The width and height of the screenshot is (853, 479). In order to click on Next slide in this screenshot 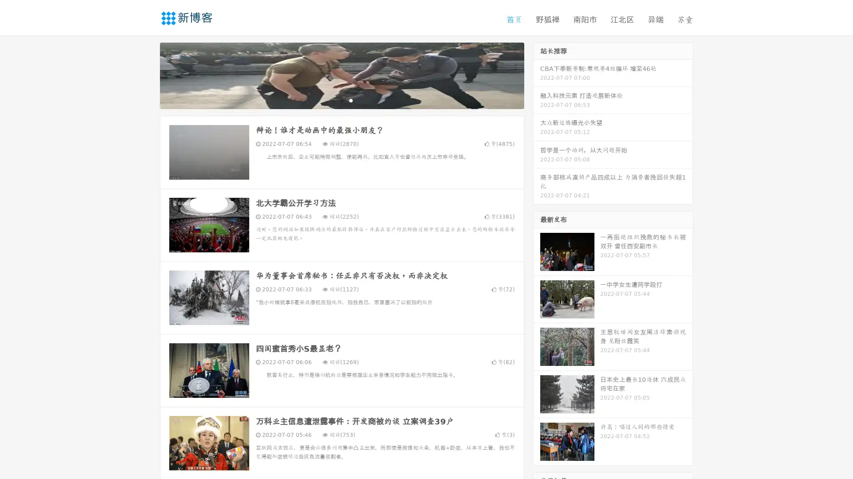, I will do `click(537, 75)`.